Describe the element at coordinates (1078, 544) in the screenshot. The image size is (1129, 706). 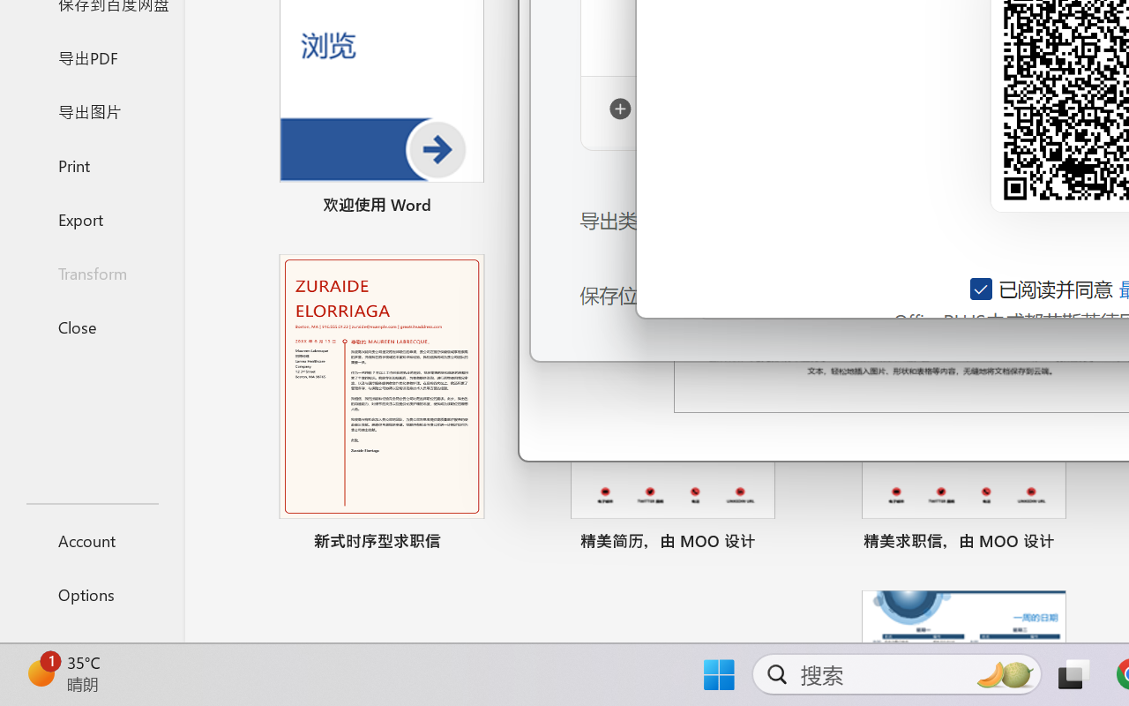
I see `'Pin to list'` at that location.